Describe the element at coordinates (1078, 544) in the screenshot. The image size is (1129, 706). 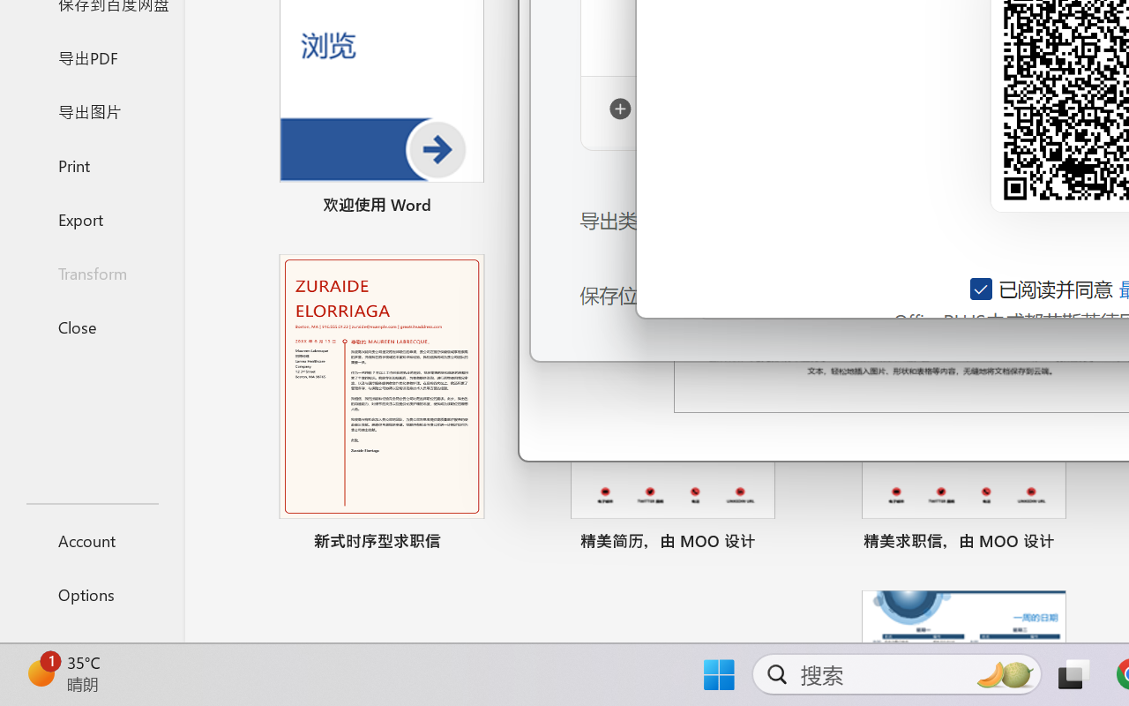
I see `'Pin to list'` at that location.